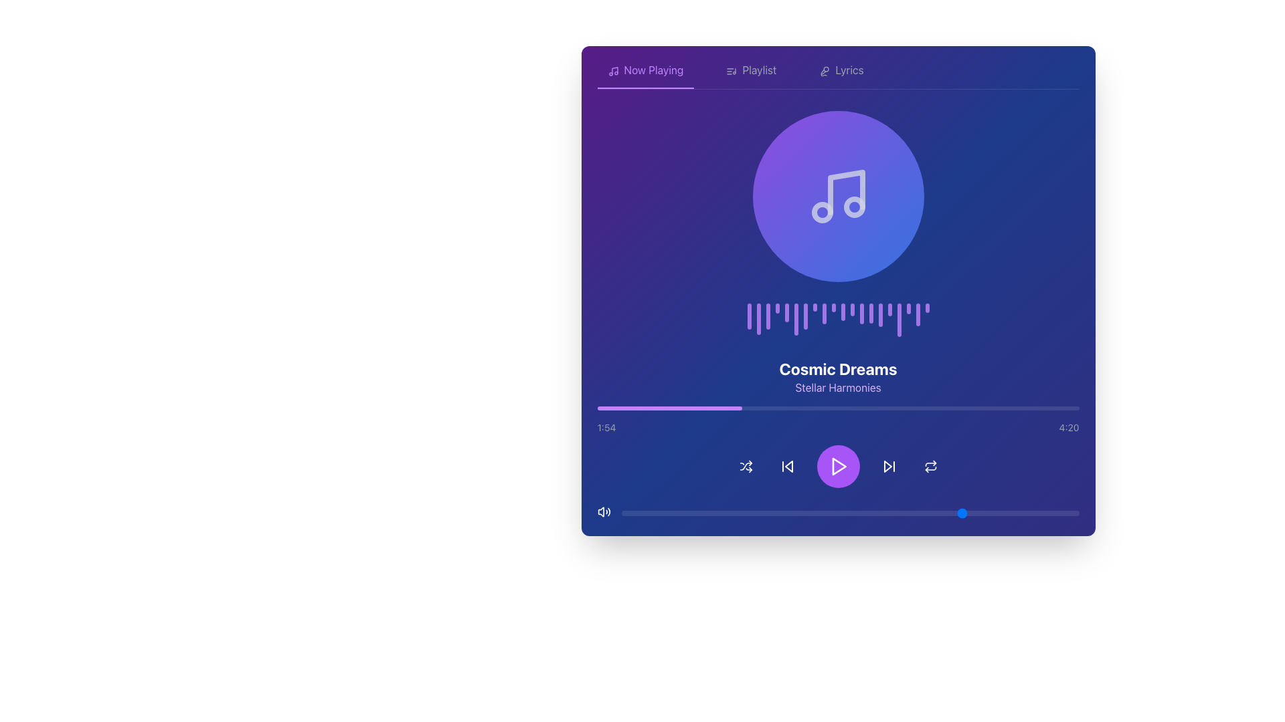 The width and height of the screenshot is (1285, 722). Describe the element at coordinates (887, 466) in the screenshot. I see `the forward-skip arrow icon located to the immediate right of the play button in the media player controls to skip the track` at that location.